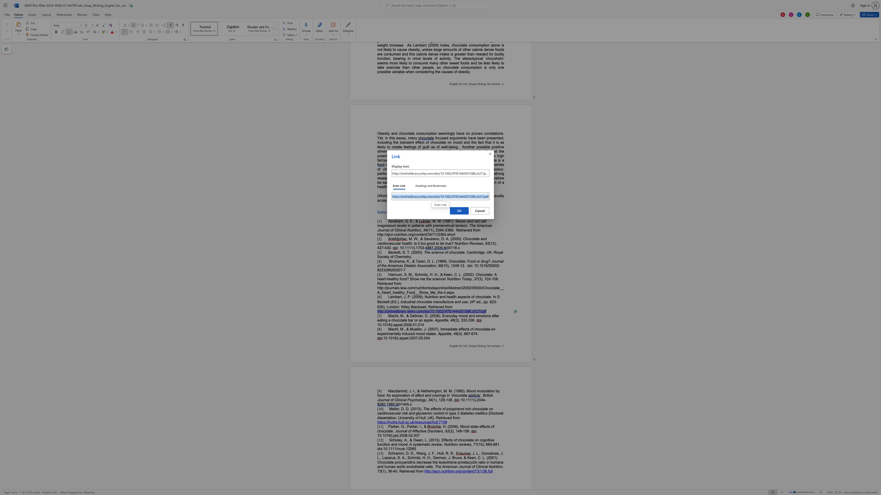  I want to click on the 1th character "M" in the text, so click(461, 426).